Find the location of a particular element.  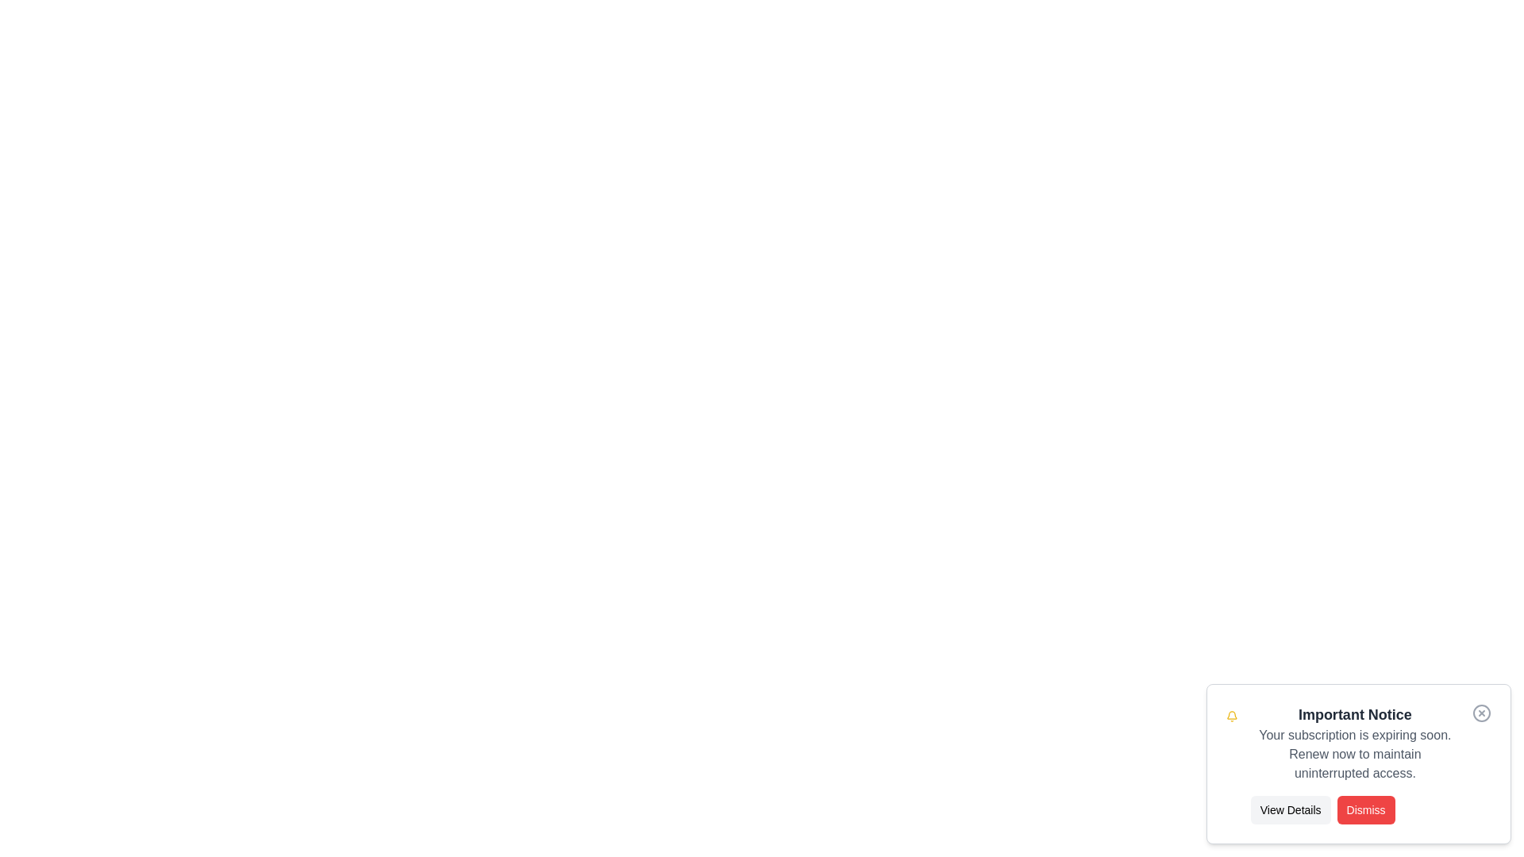

the notification message that informs the user about the impending expiration of their subscription, located below the 'Important Notice' heading and above the 'View Details' and 'Dismiss' buttons is located at coordinates (1354, 754).